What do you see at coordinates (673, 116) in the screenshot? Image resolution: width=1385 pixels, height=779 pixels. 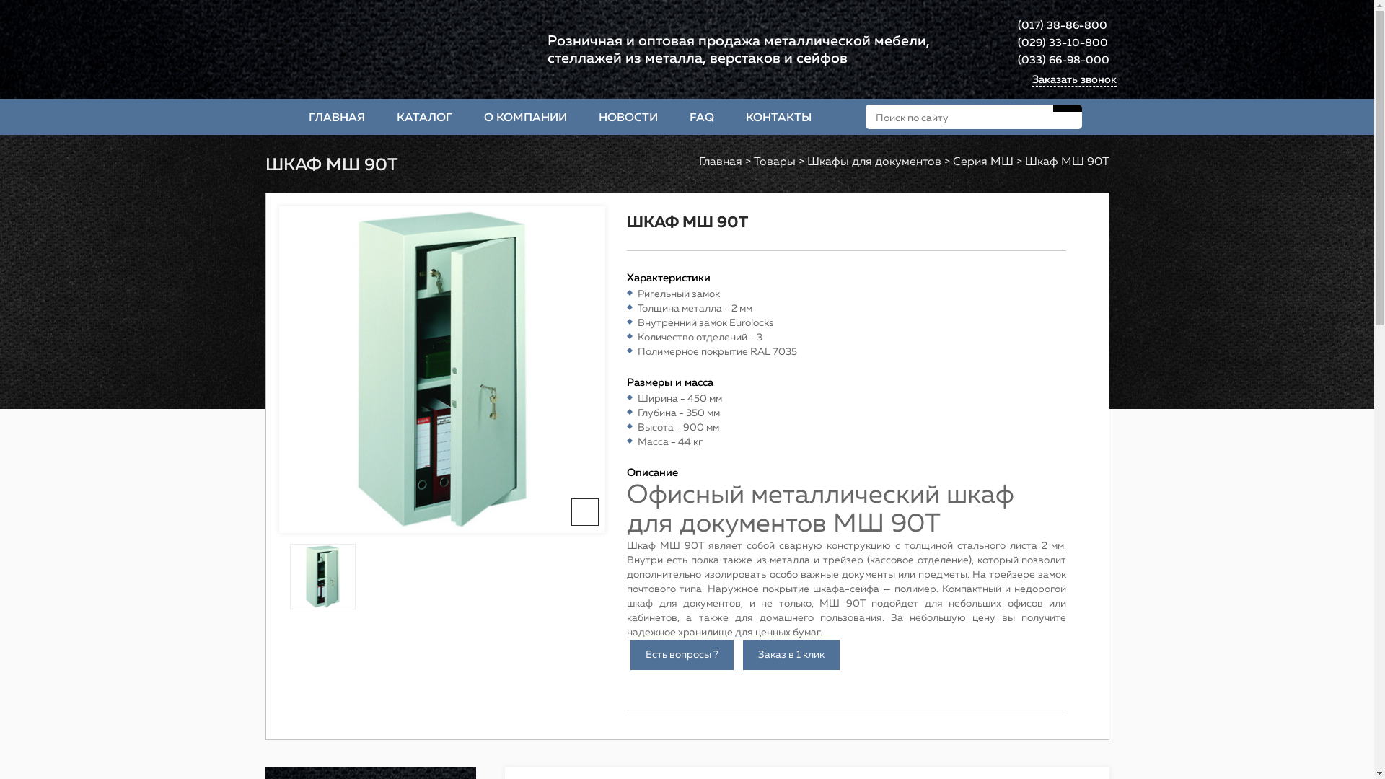 I see `'FAQ'` at bounding box center [673, 116].